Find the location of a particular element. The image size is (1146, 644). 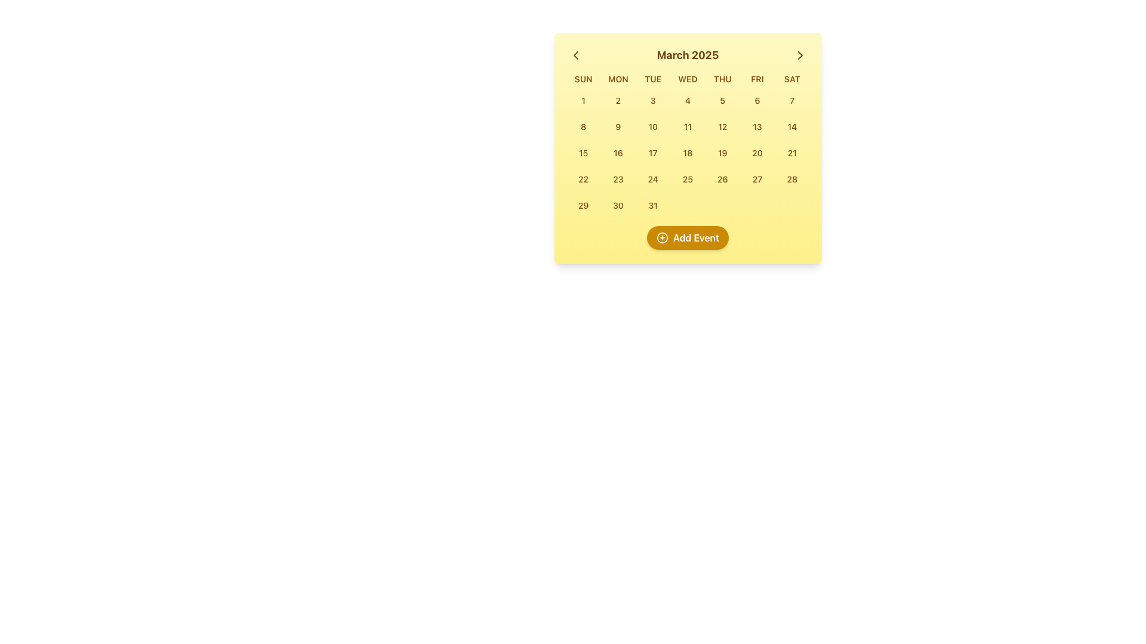

the text element displaying the number '12' in bold dark yellowish-brown font located in the fifth cell of the fifth row of the calendar grid is located at coordinates (722, 126).